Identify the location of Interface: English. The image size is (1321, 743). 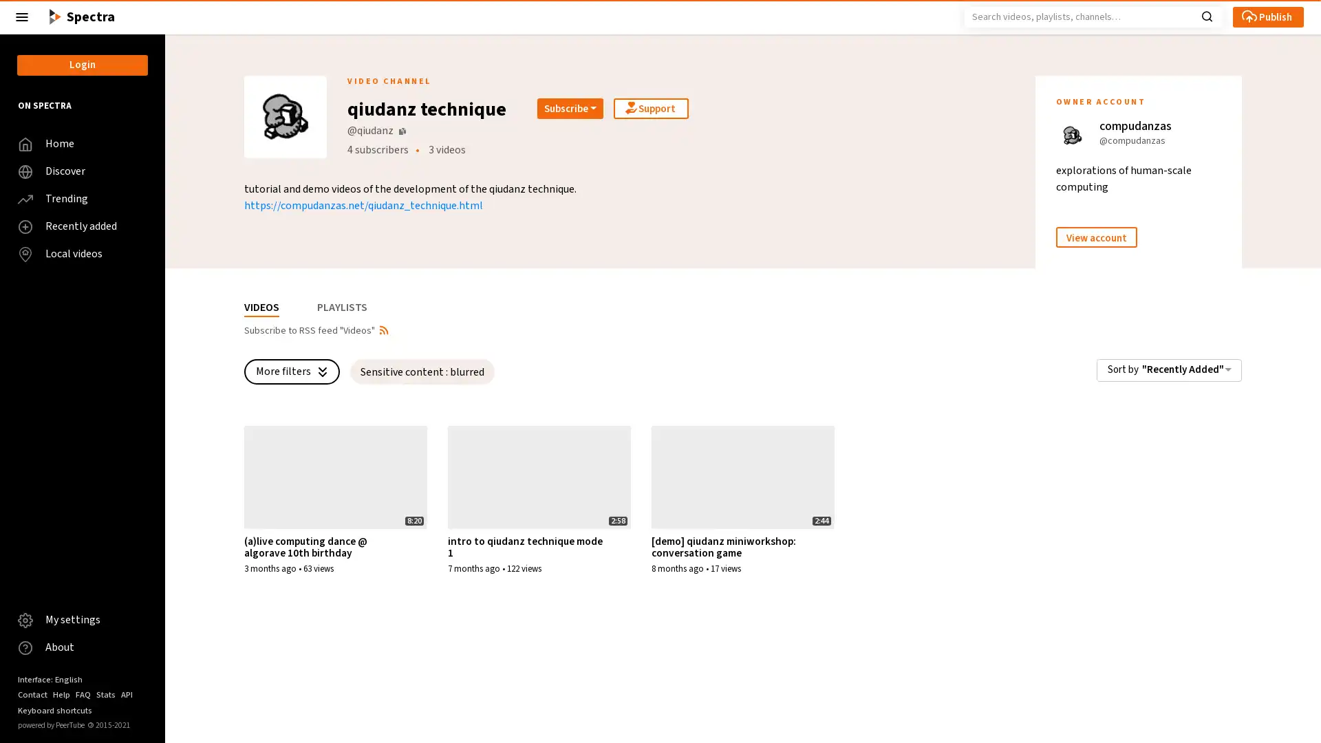
(50, 678).